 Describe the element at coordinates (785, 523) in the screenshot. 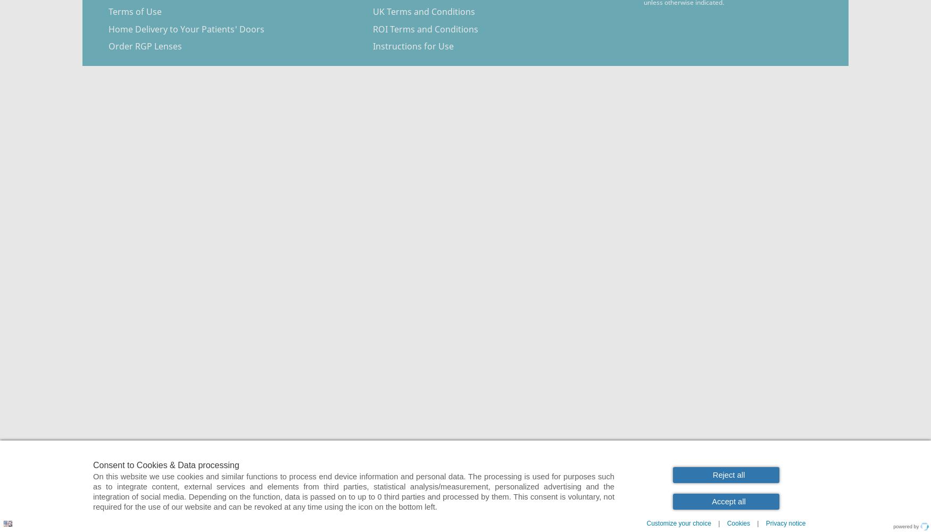

I see `'Privacy notice'` at that location.